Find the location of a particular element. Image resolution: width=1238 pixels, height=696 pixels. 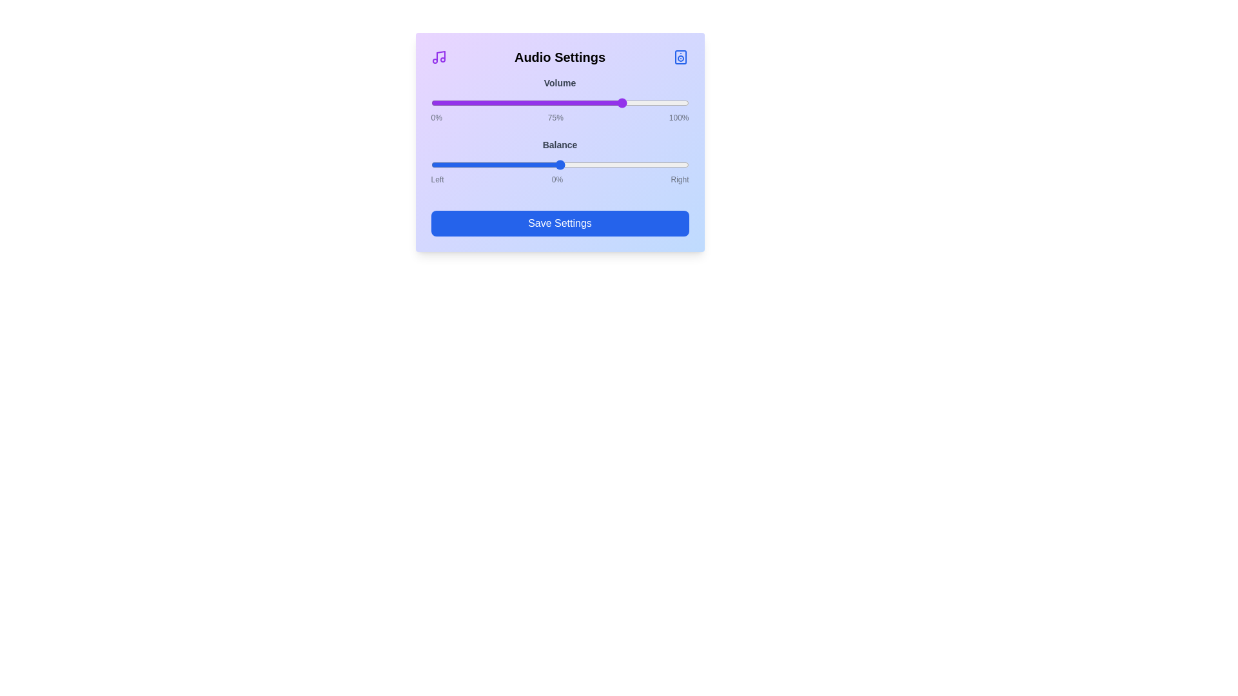

the balance slider to -63 is located at coordinates (478, 164).